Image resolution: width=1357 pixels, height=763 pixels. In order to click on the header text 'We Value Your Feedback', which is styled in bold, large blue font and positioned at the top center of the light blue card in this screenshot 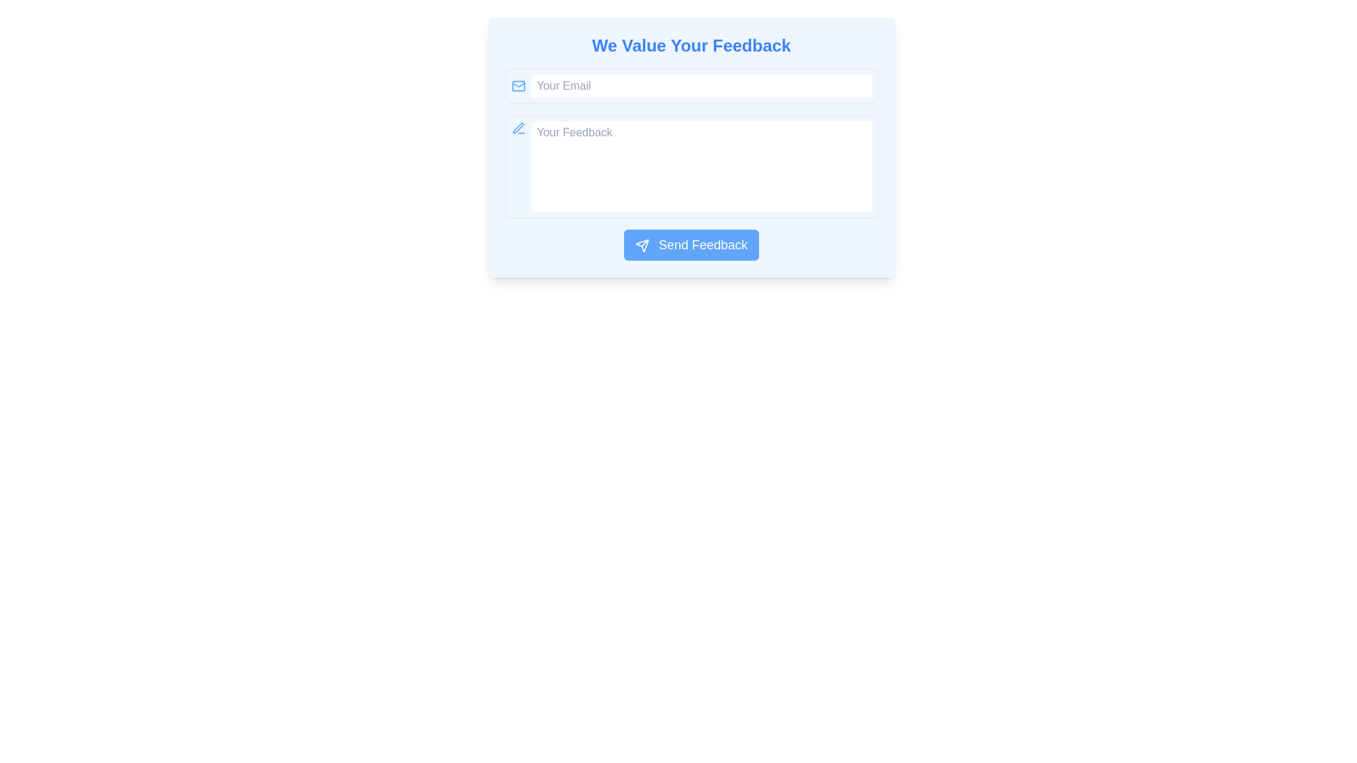, I will do `click(691, 45)`.